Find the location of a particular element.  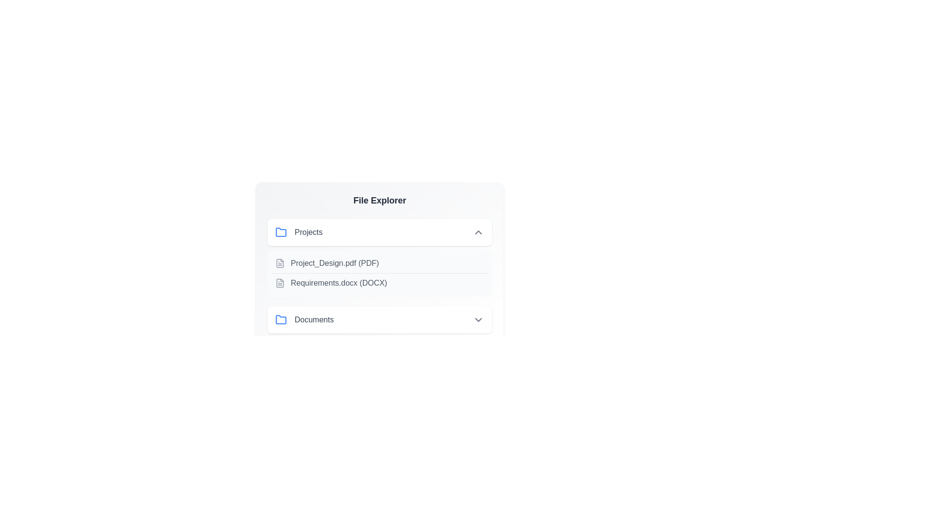

the file or directory identified by Projects is located at coordinates (379, 232).